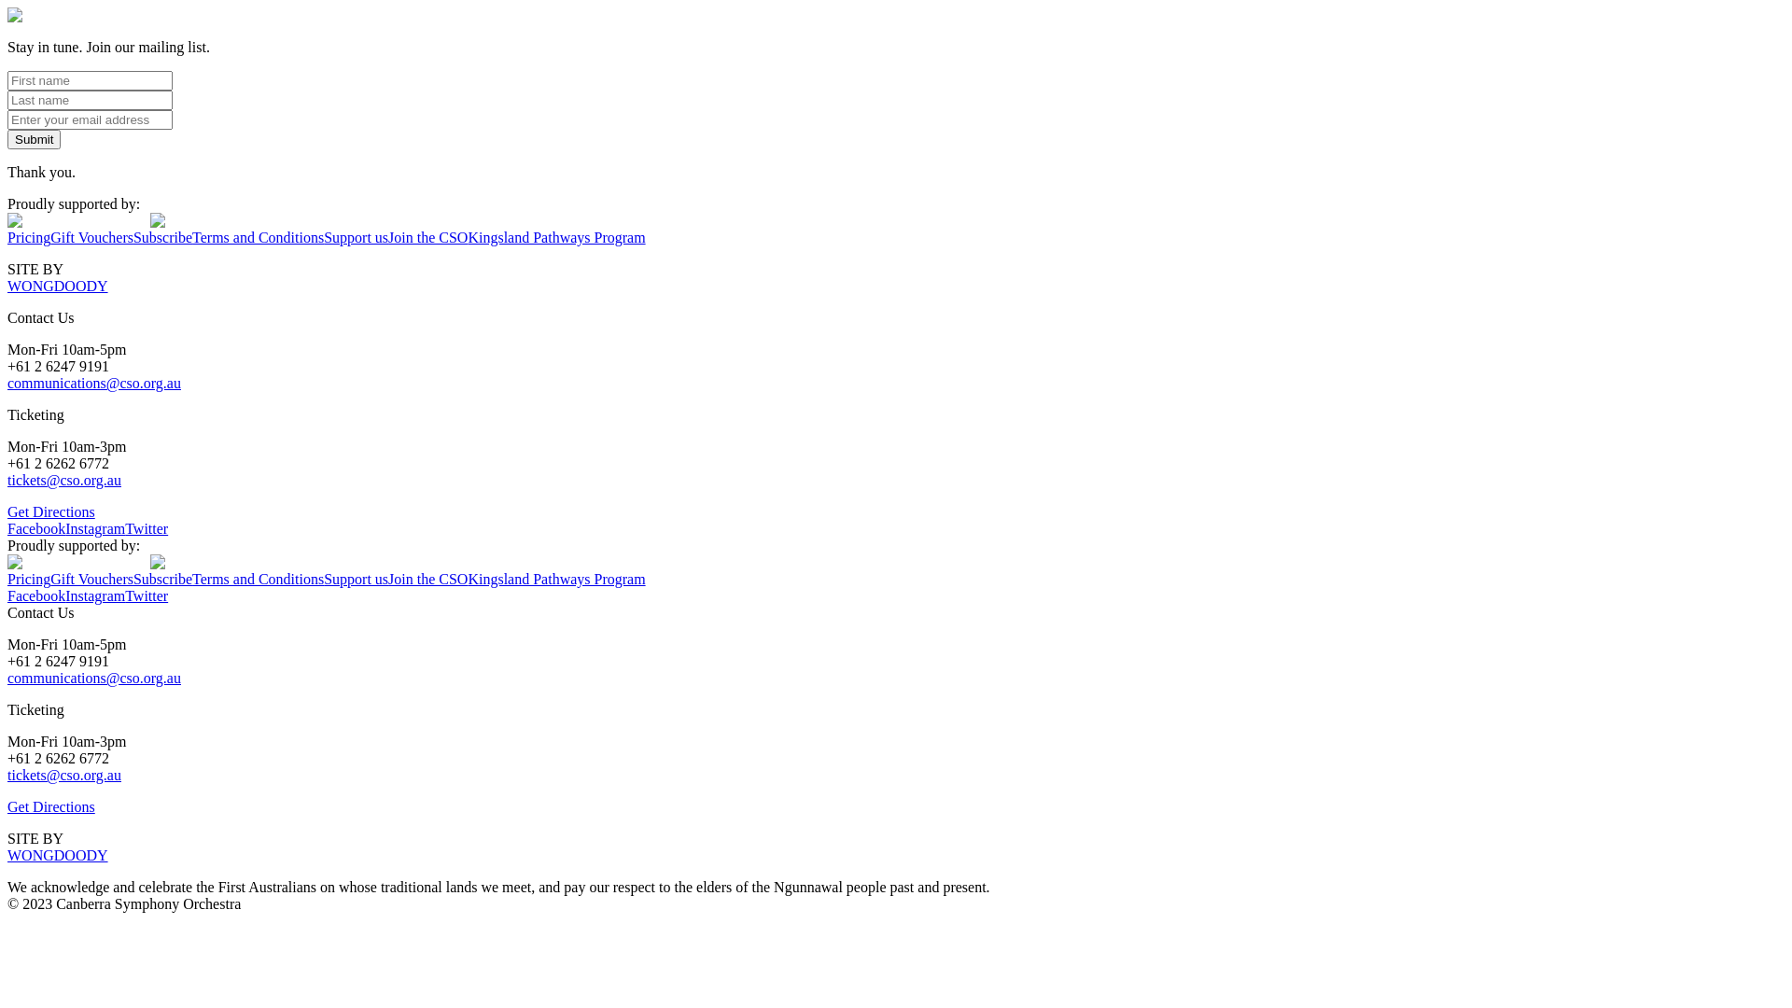  What do you see at coordinates (146, 595) in the screenshot?
I see `'Twitter'` at bounding box center [146, 595].